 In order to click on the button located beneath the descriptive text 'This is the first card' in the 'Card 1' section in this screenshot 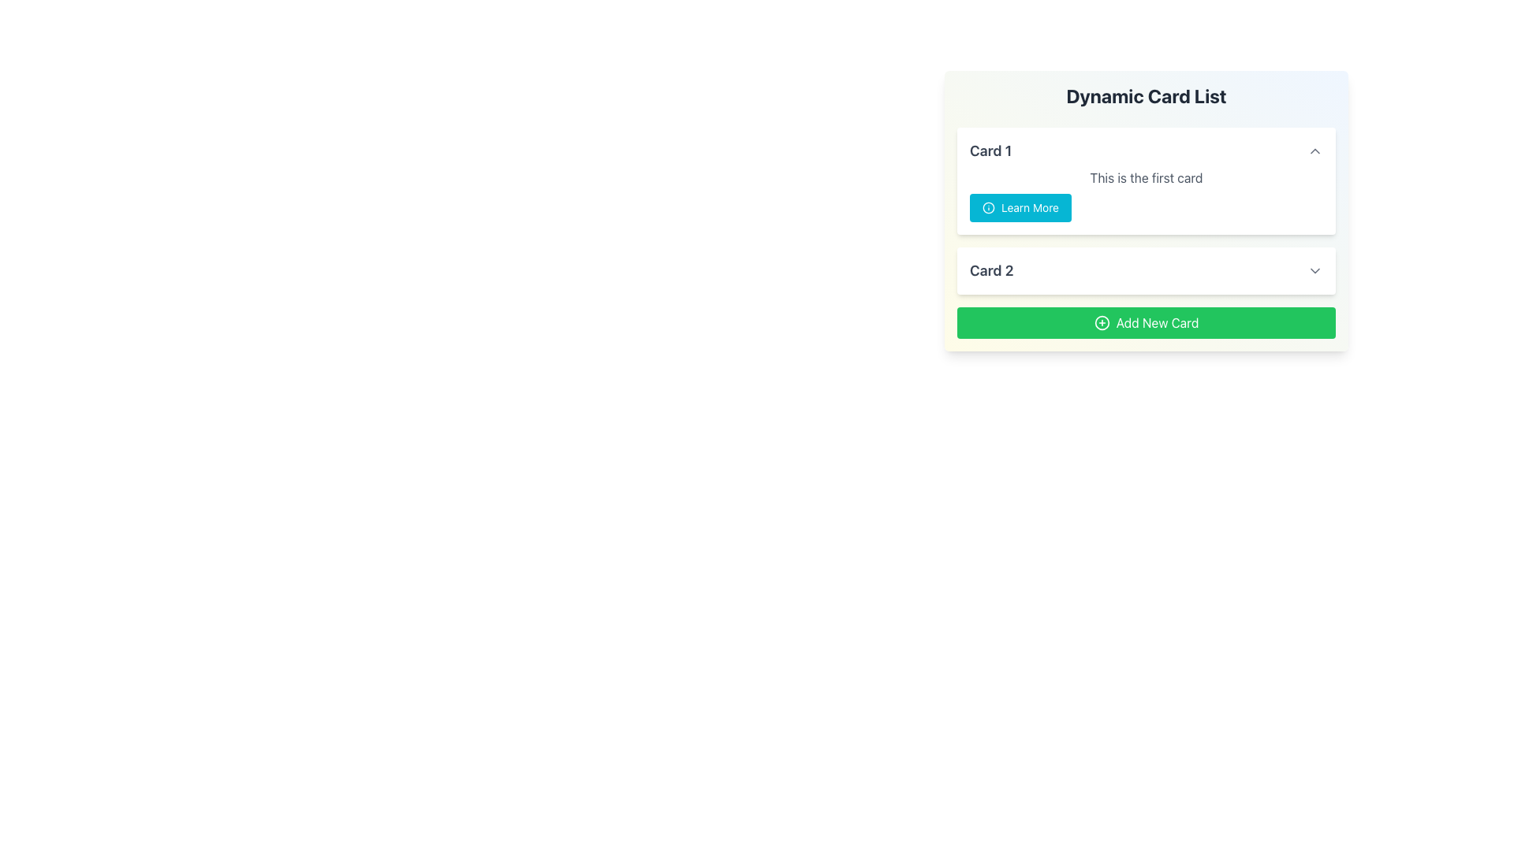, I will do `click(1020, 206)`.